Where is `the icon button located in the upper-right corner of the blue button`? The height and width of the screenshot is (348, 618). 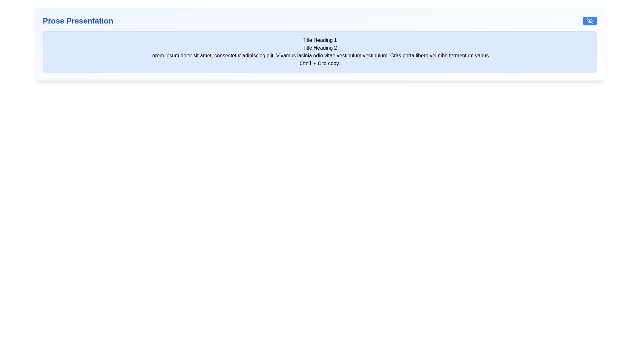
the icon button located in the upper-right corner of the blue button is located at coordinates (590, 21).